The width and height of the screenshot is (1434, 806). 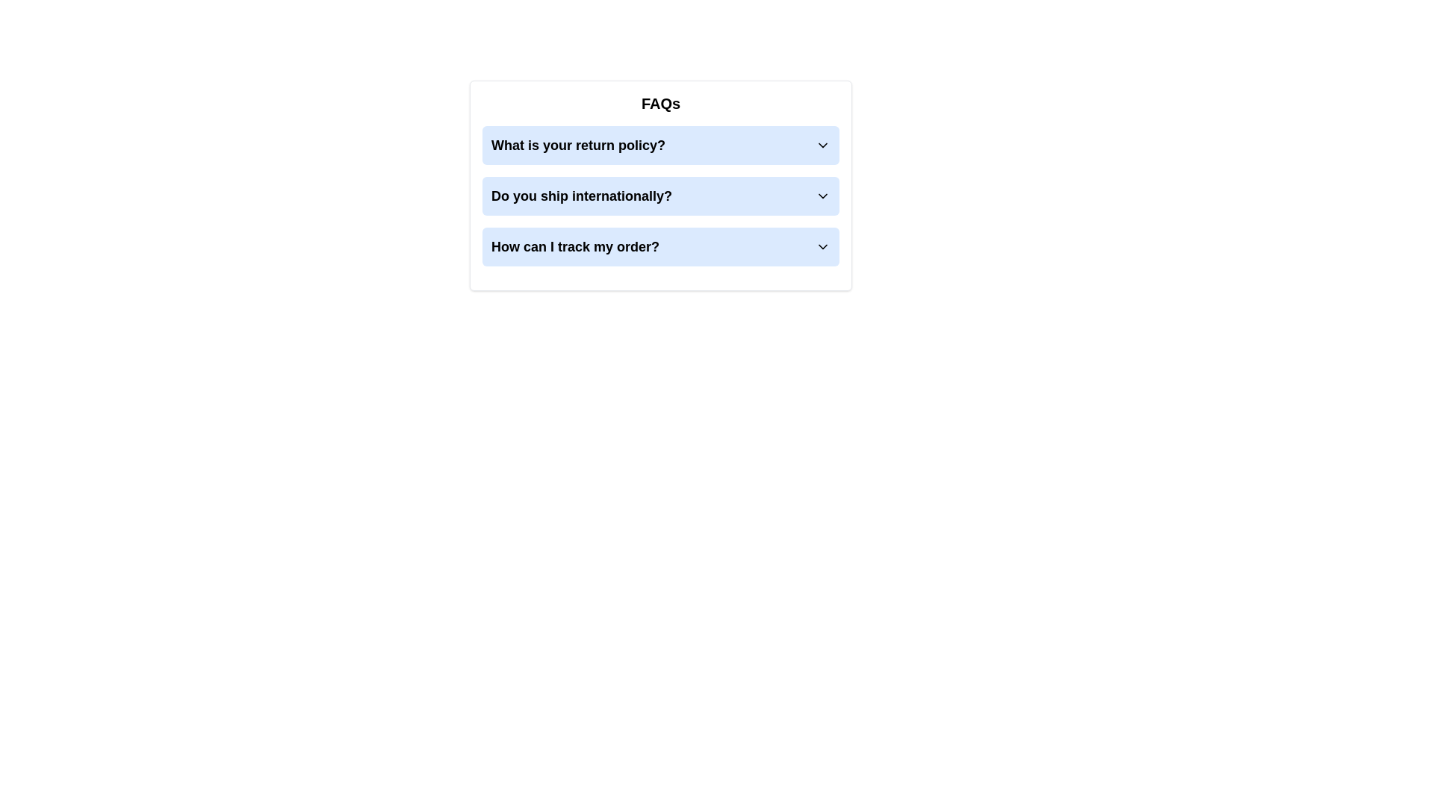 What do you see at coordinates (659, 246) in the screenshot?
I see `the third collapsible FAQ item under the title 'FAQs'` at bounding box center [659, 246].